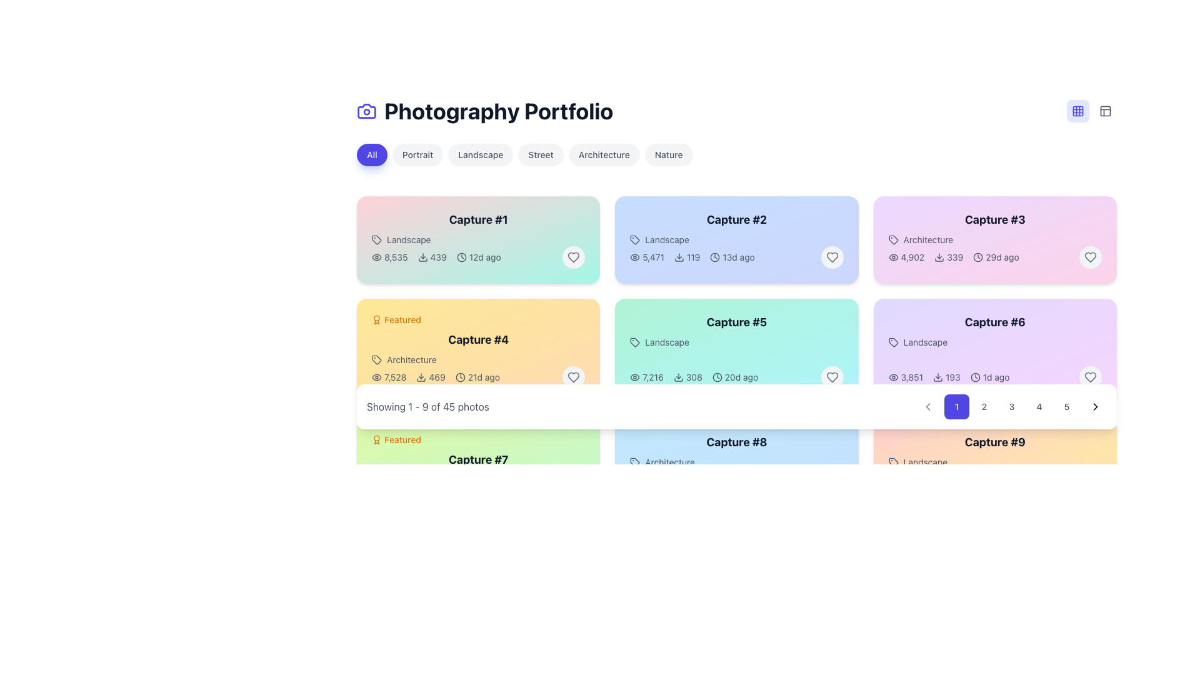 This screenshot has height=675, width=1200. Describe the element at coordinates (578, 439) in the screenshot. I see `the maximize button located in the top-right corner of the 'Capture #7' card to enlarge or view detailed information` at that location.